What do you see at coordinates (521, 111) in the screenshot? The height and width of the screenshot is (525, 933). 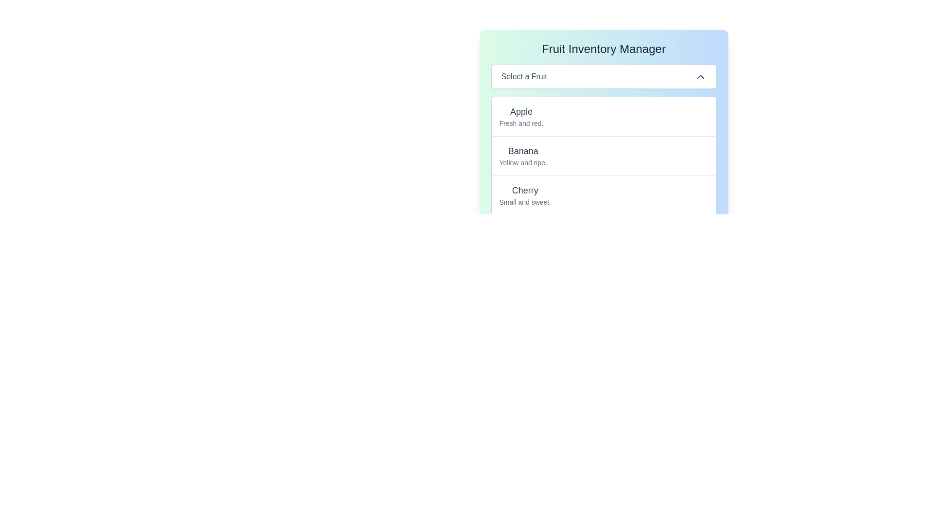 I see `the text label that displays 'Apple', which is styled in a bold, dark gray font and serves as the title for additional information` at bounding box center [521, 111].